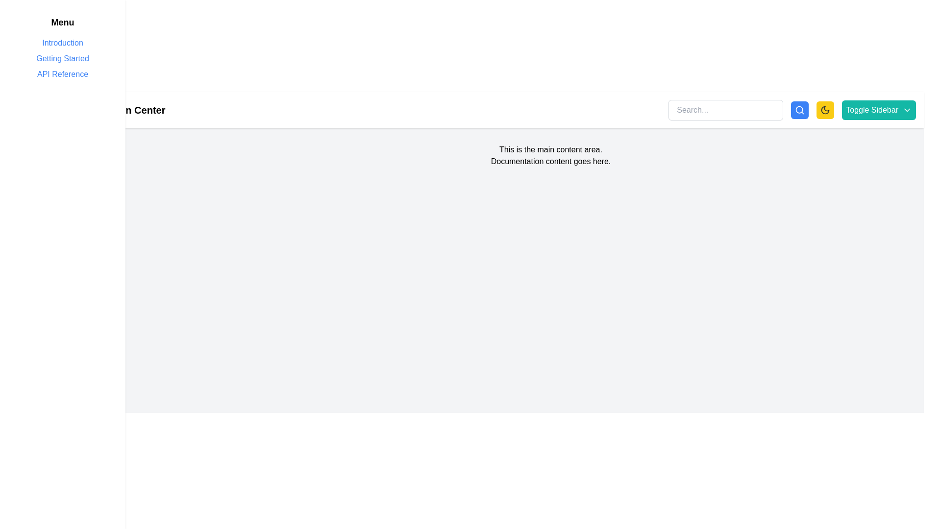  Describe the element at coordinates (907, 110) in the screenshot. I see `the rightmost part of the 'Toggle Sidebar' button` at that location.